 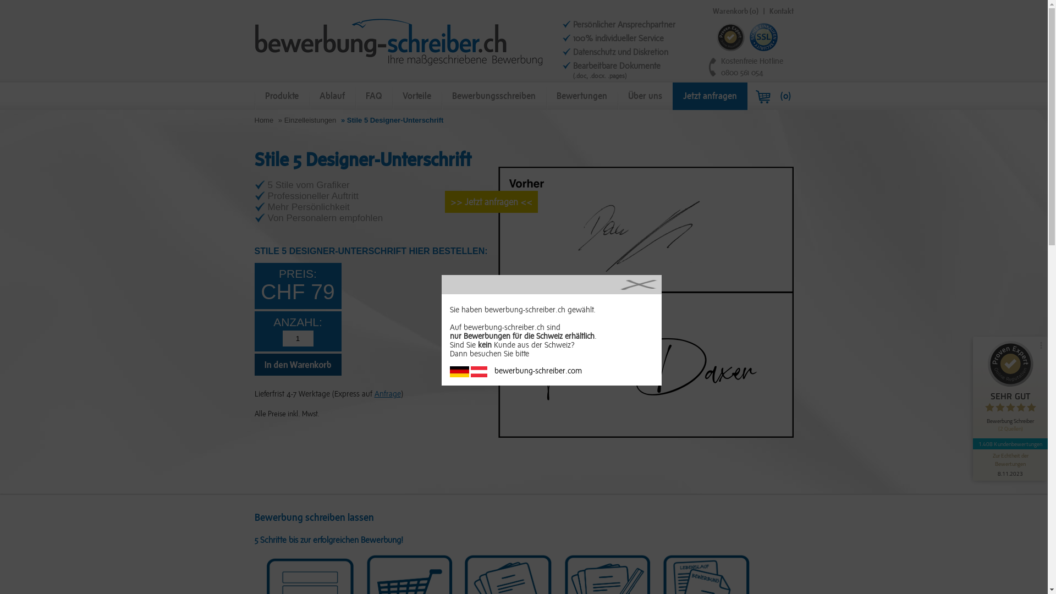 What do you see at coordinates (416, 95) in the screenshot?
I see `'Vorteile'` at bounding box center [416, 95].